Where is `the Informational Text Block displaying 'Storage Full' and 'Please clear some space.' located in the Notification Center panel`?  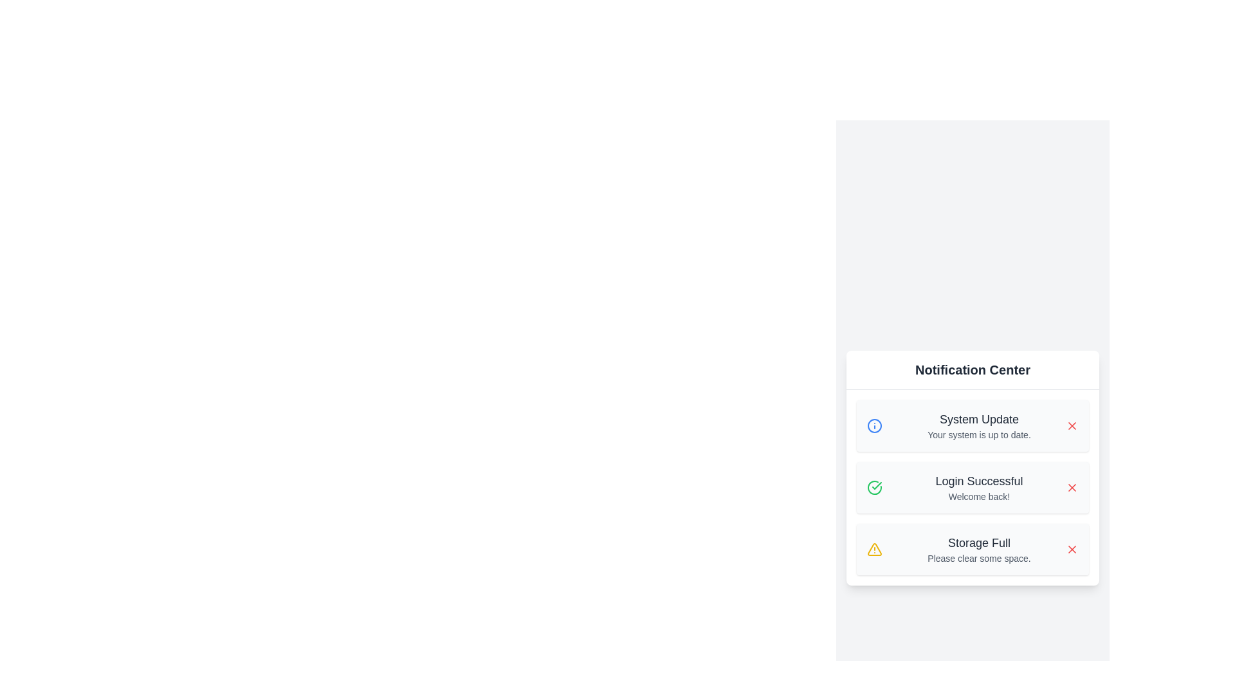
the Informational Text Block displaying 'Storage Full' and 'Please clear some space.' located in the Notification Center panel is located at coordinates (978, 549).